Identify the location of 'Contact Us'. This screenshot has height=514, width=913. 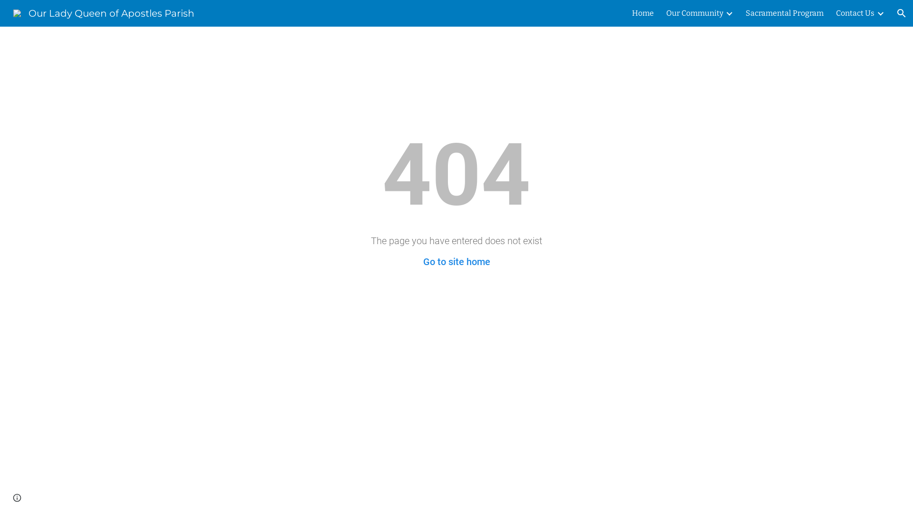
(855, 13).